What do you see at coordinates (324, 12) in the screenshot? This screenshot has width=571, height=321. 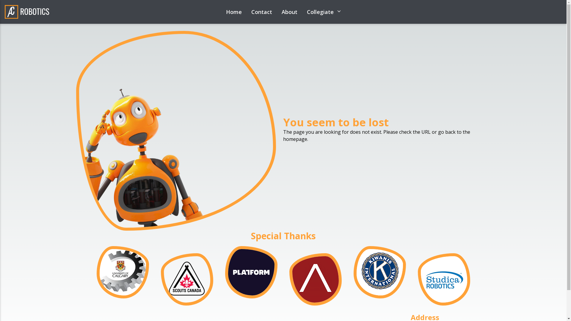 I see `'Collegiate'` at bounding box center [324, 12].